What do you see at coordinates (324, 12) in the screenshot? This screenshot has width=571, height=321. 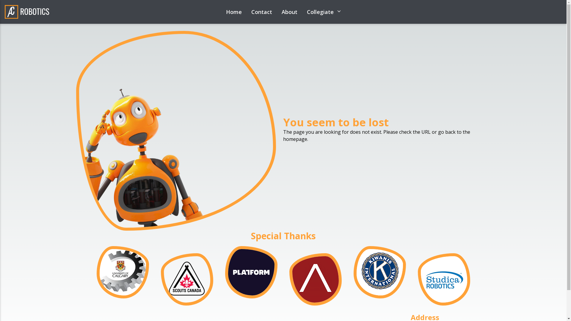 I see `'Collegiate'` at bounding box center [324, 12].